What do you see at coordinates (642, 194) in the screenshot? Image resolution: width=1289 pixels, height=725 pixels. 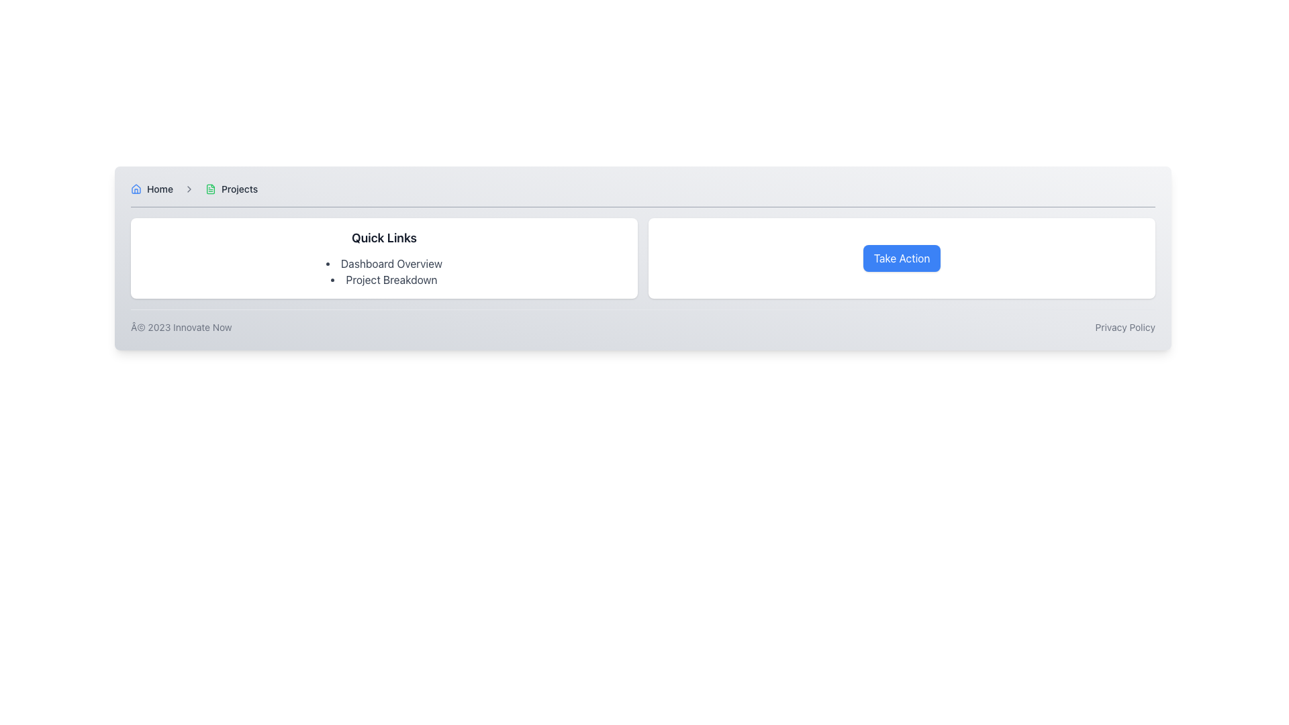 I see `the Breadcrumb Navigation Bar located at the upper-central portion of the interface` at bounding box center [642, 194].